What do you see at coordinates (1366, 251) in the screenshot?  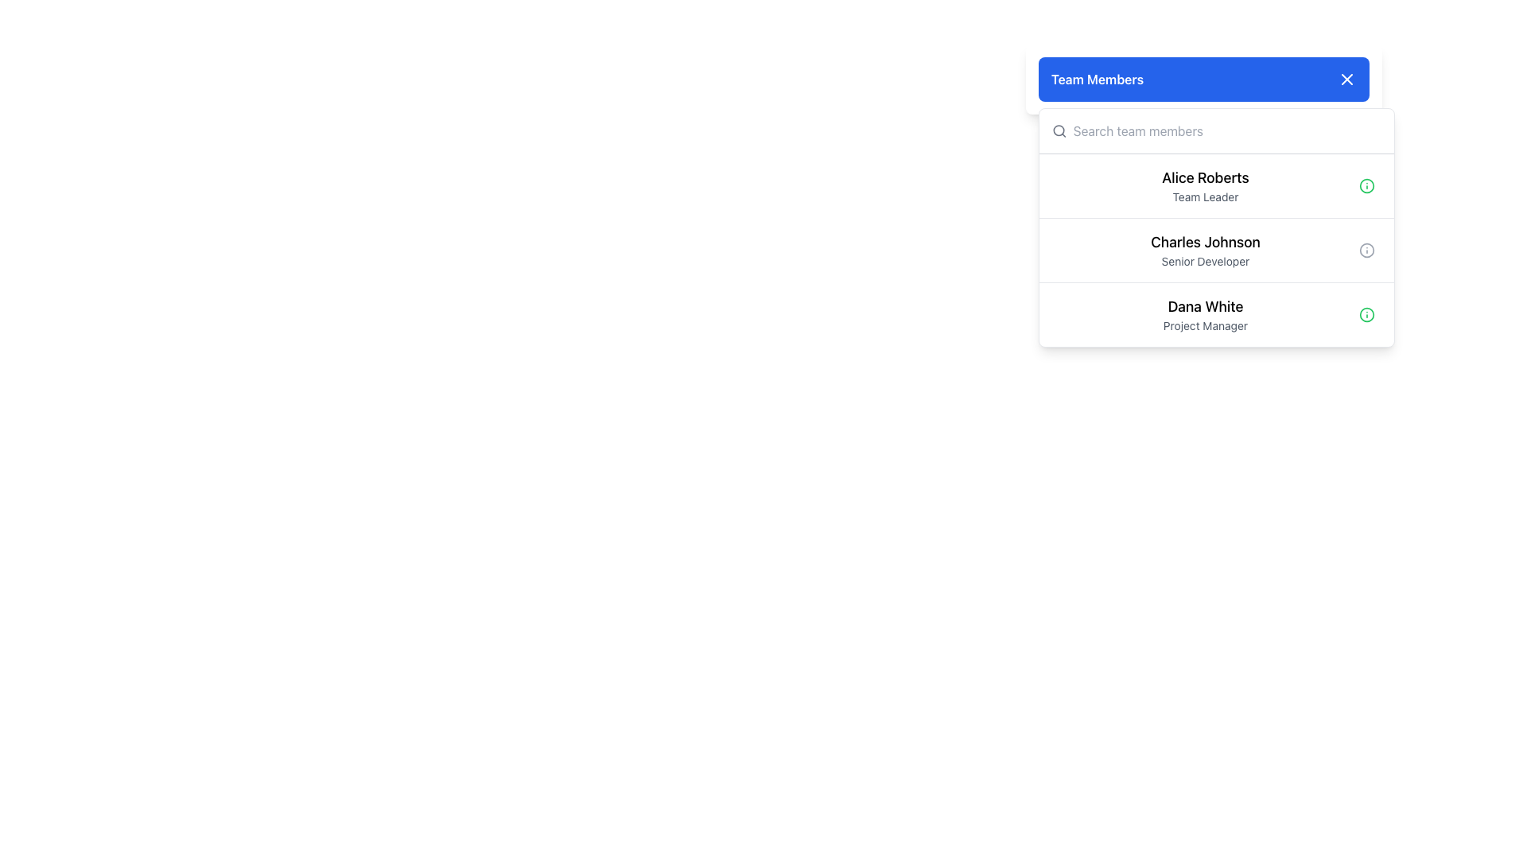 I see `the circular icon representing the status of team member 'Charles Johnson' located in the middle card of the three-member list in the modal window` at bounding box center [1366, 251].